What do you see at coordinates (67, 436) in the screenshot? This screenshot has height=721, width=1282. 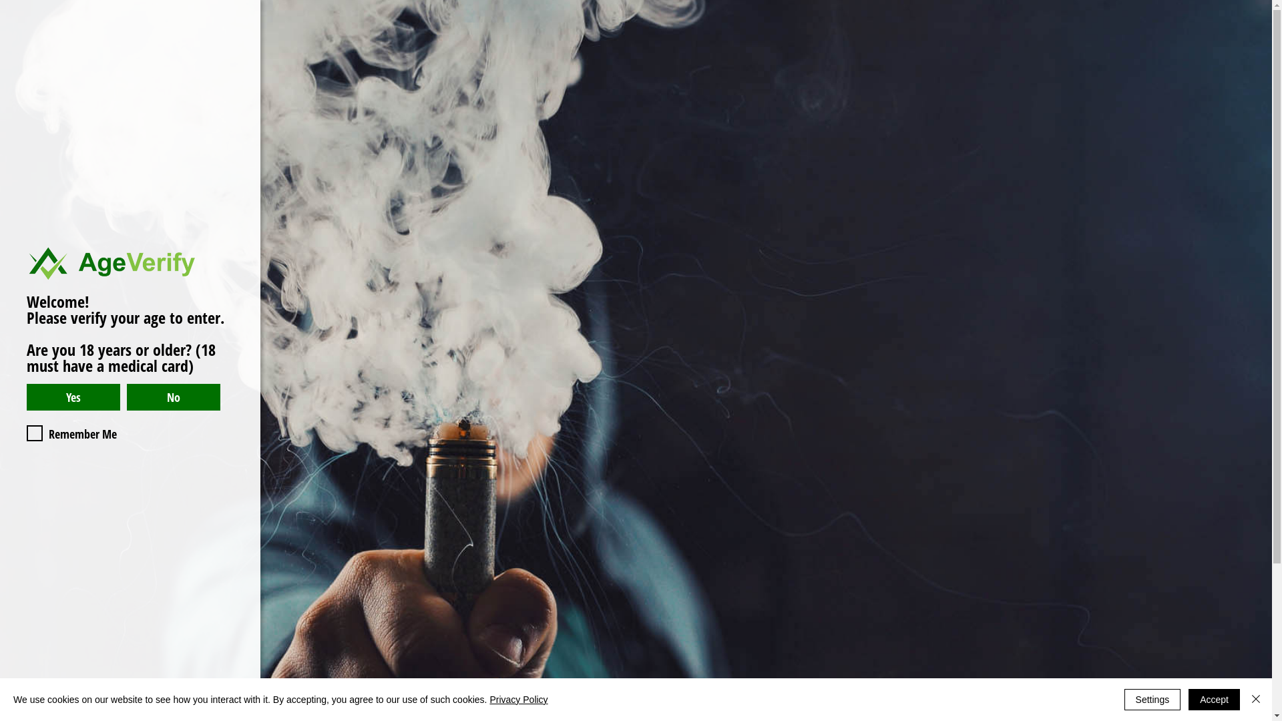 I see `'1'` at bounding box center [67, 436].